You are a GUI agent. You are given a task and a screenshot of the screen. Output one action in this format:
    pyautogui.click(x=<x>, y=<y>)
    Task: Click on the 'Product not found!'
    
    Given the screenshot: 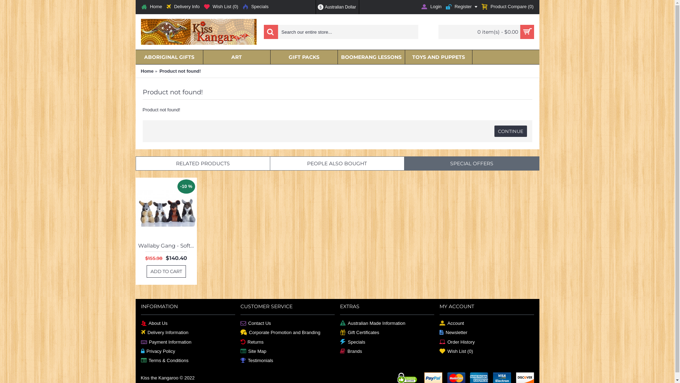 What is the action you would take?
    pyautogui.click(x=180, y=71)
    